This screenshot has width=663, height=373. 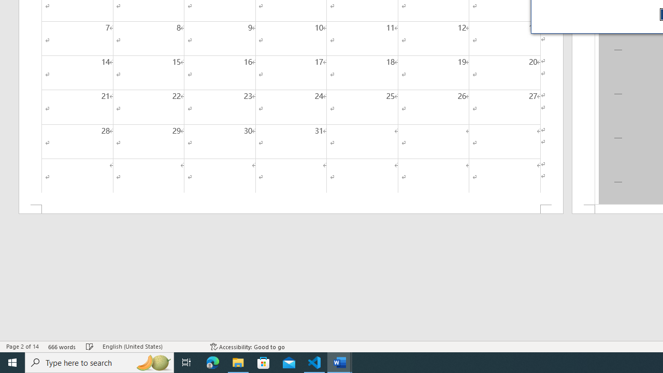 I want to click on 'Accessibility Checker Accessibility: Good to go', so click(x=247, y=347).